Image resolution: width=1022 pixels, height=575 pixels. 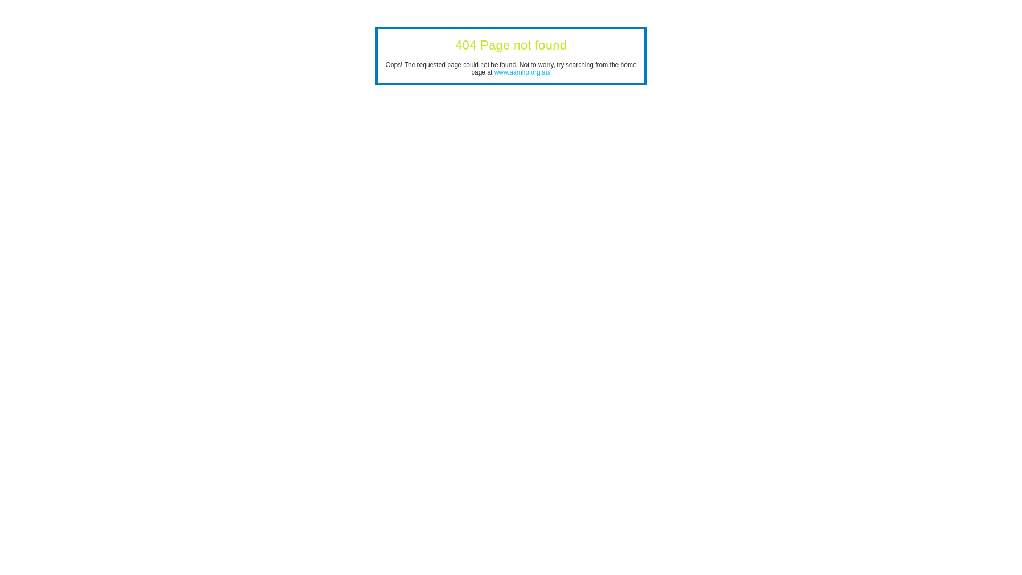 I want to click on 'www.aamhp.org.au/', so click(x=523, y=72).